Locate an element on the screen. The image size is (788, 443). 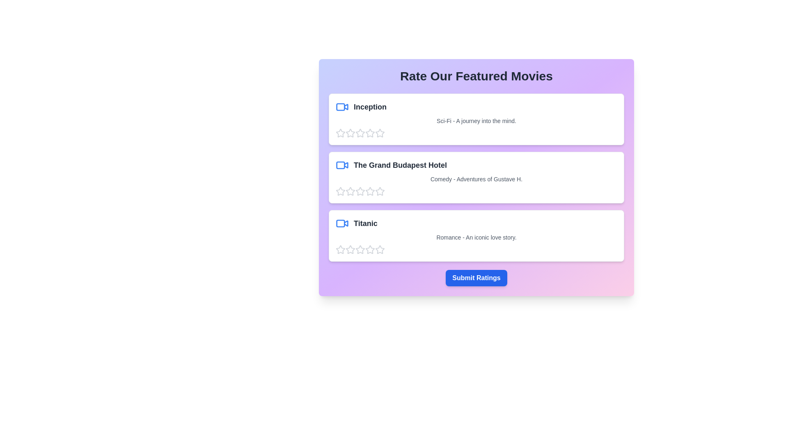
the star corresponding to 1 stars to preview the rating is located at coordinates (341, 132).